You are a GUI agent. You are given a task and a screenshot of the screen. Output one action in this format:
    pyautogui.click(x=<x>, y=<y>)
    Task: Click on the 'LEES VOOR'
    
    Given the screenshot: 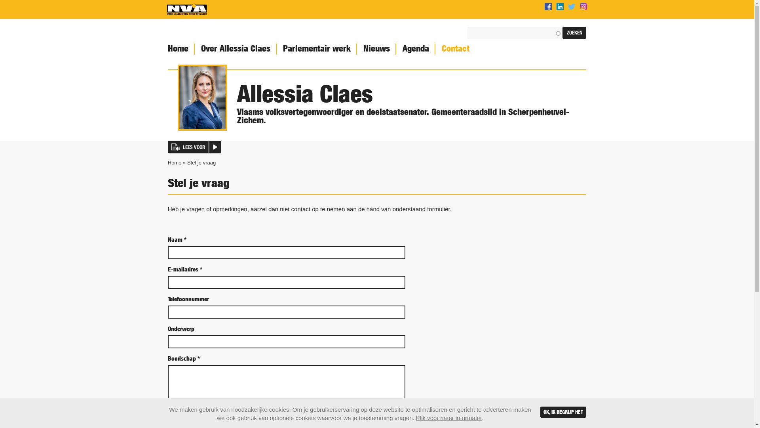 What is the action you would take?
    pyautogui.click(x=194, y=147)
    